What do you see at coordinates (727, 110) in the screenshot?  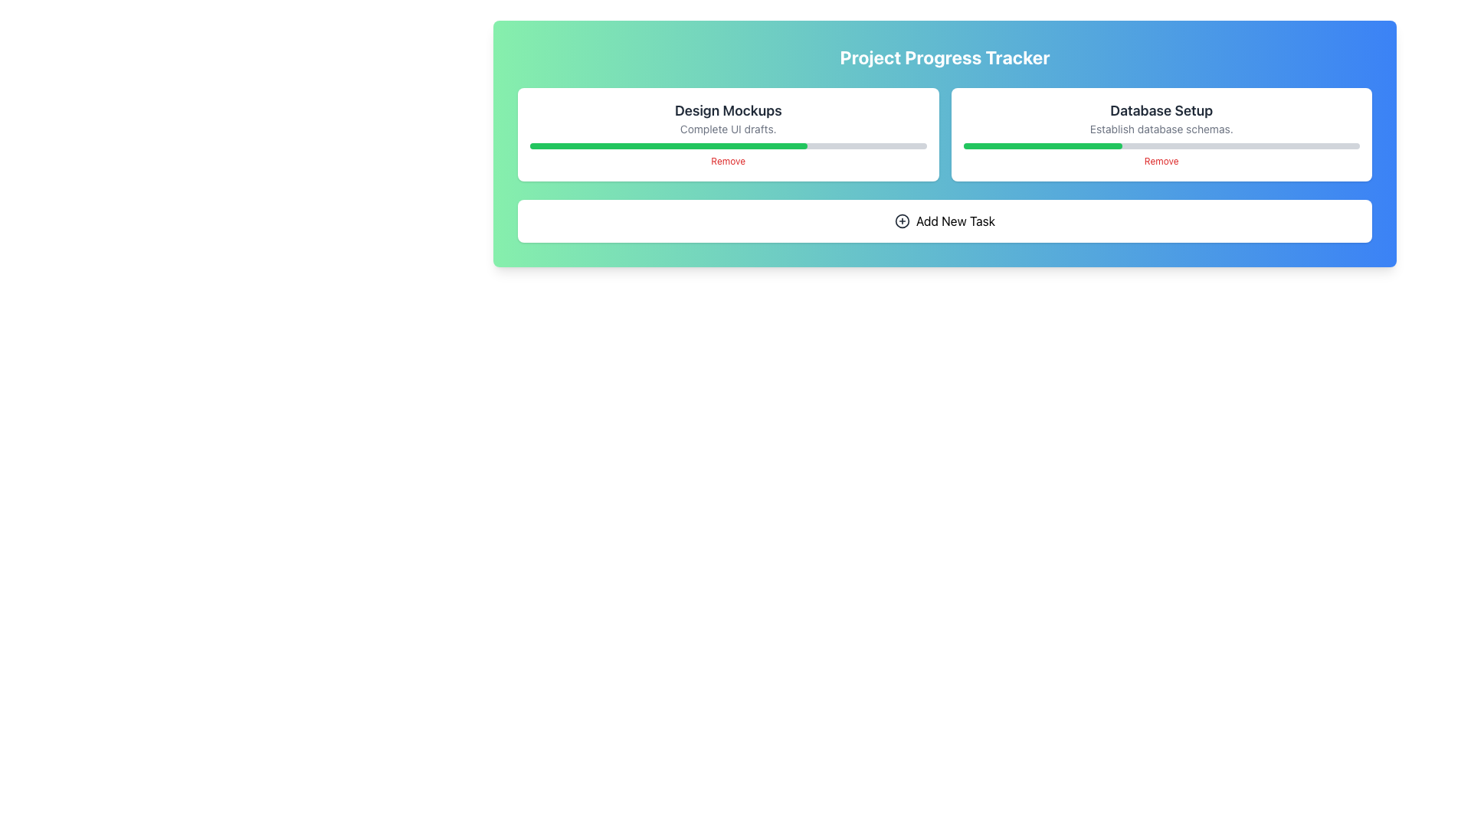 I see `text of the header Text Label located at the top of the card, which serves as the title indicating the main subject of the content` at bounding box center [727, 110].